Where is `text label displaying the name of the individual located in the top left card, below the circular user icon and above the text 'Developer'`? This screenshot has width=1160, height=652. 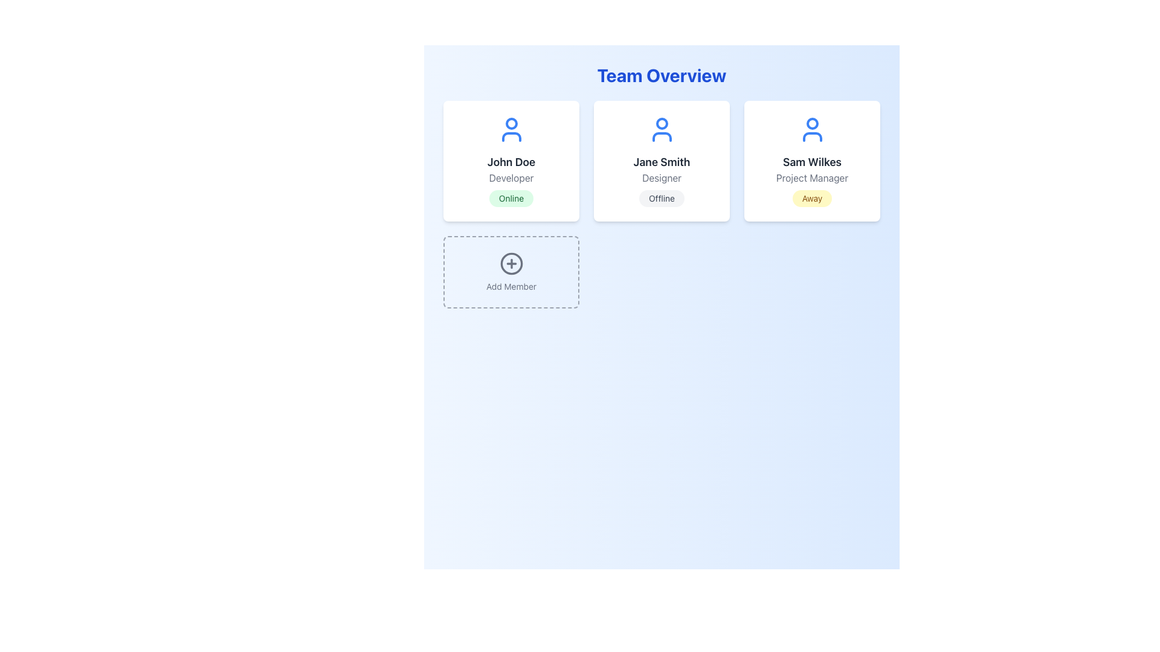
text label displaying the name of the individual located in the top left card, below the circular user icon and above the text 'Developer' is located at coordinates (511, 162).